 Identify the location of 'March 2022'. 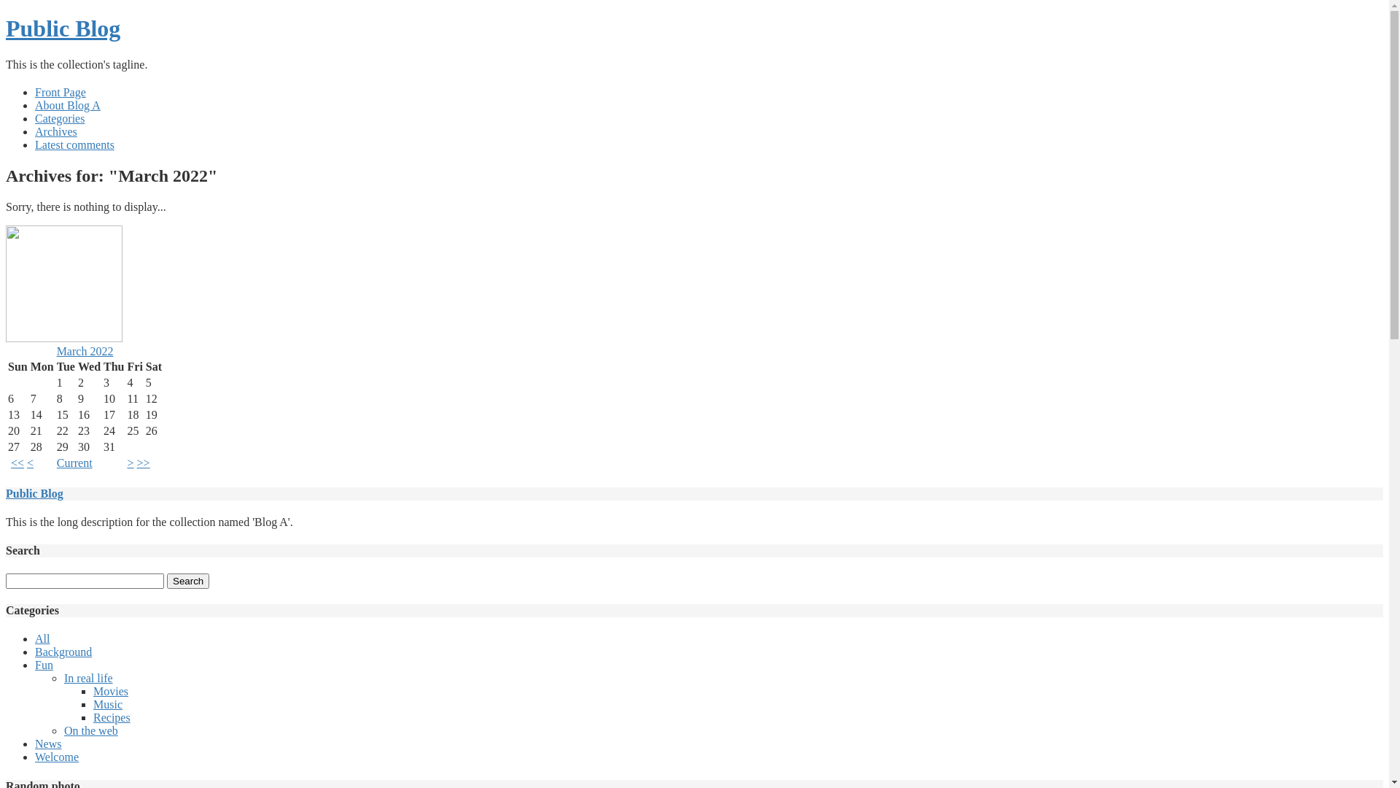
(84, 351).